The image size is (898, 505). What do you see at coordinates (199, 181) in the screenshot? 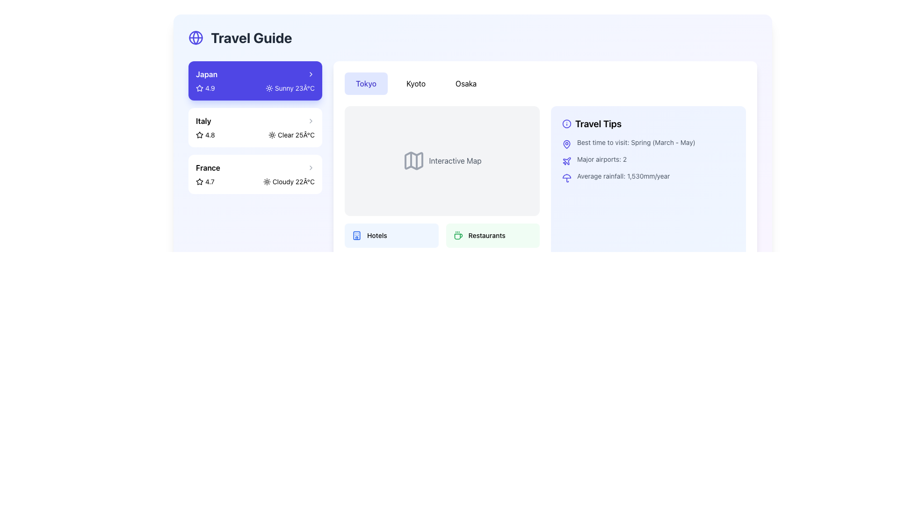
I see `the star icon used for indicating ratings in the 'Japan' section of the Travel Guide interface, located next to the text '4.9'` at bounding box center [199, 181].